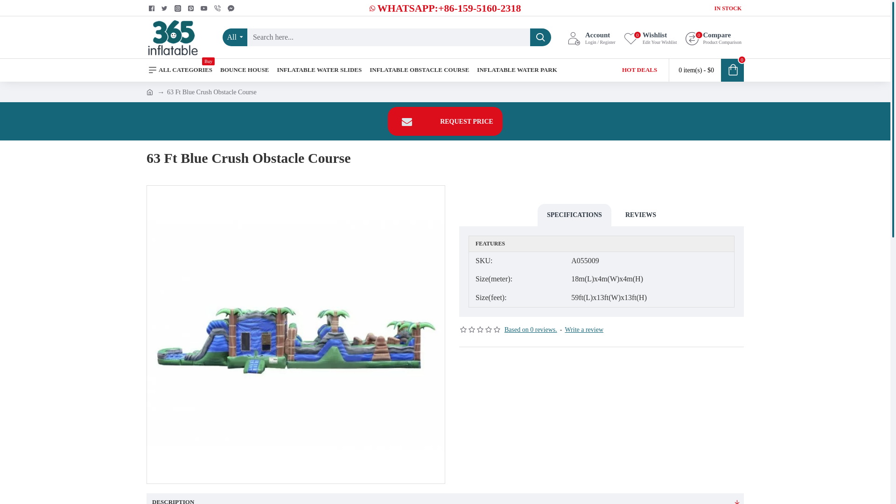 This screenshot has height=504, width=896. What do you see at coordinates (319, 70) in the screenshot?
I see `'INFLATABLE WATER SLIDES'` at bounding box center [319, 70].